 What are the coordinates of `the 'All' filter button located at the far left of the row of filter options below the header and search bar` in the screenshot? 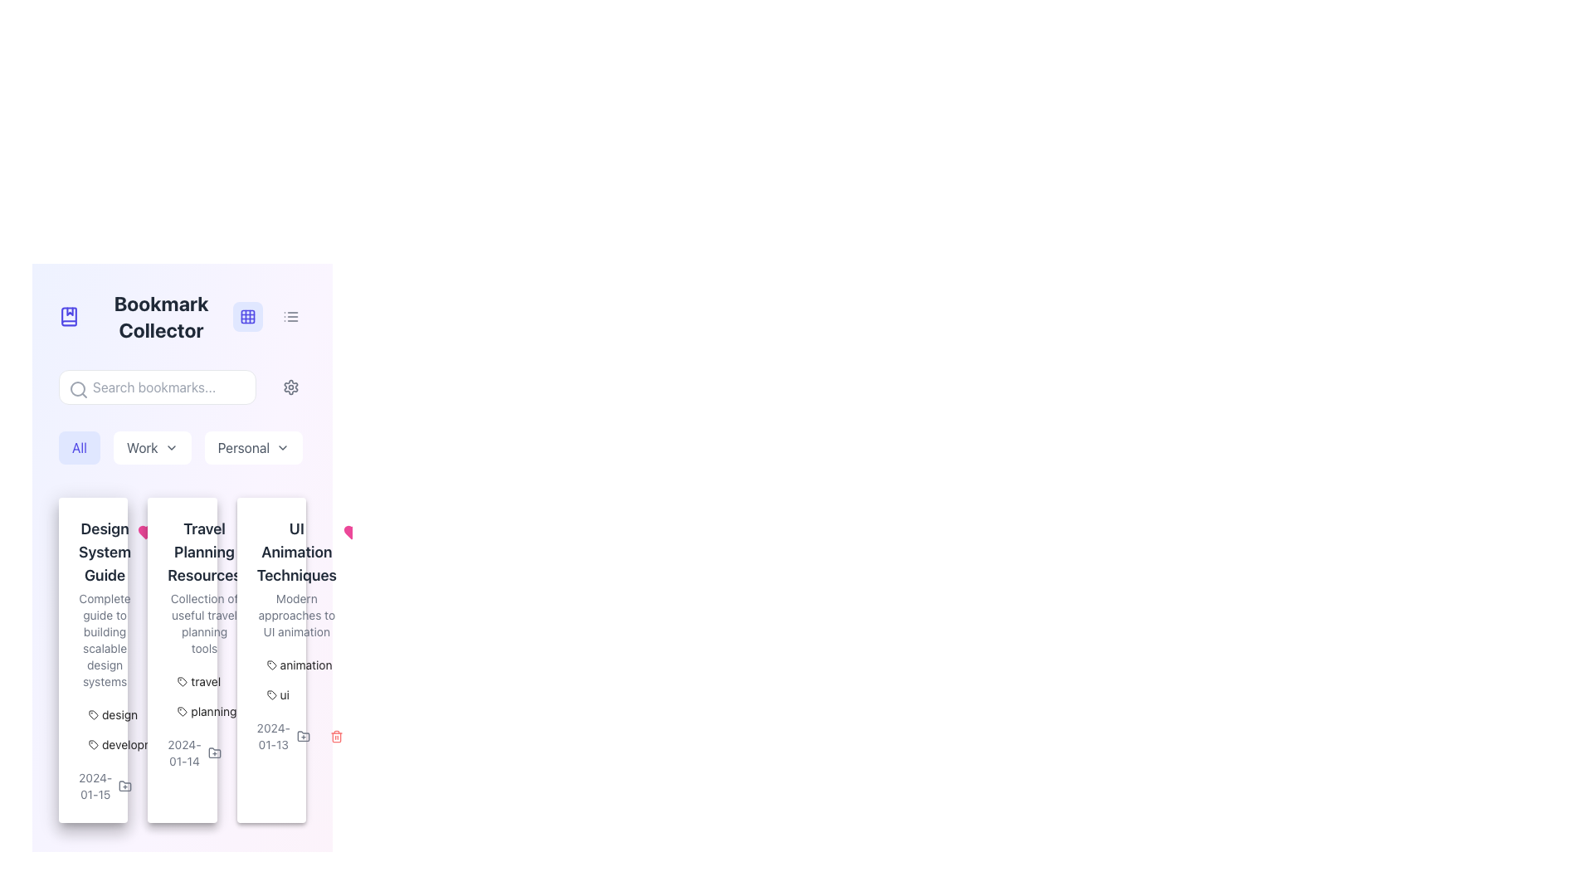 It's located at (79, 448).